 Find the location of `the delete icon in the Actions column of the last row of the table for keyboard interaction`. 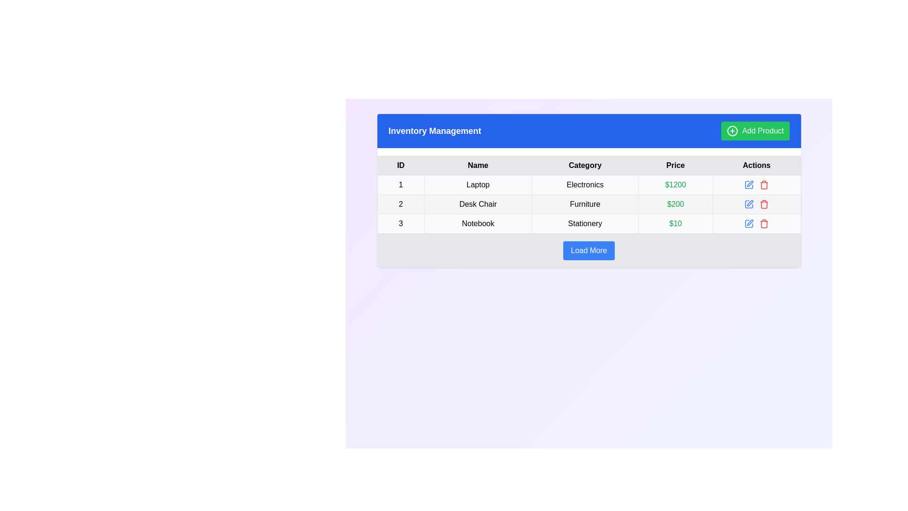

the delete icon in the Actions column of the last row of the table for keyboard interaction is located at coordinates (764, 185).